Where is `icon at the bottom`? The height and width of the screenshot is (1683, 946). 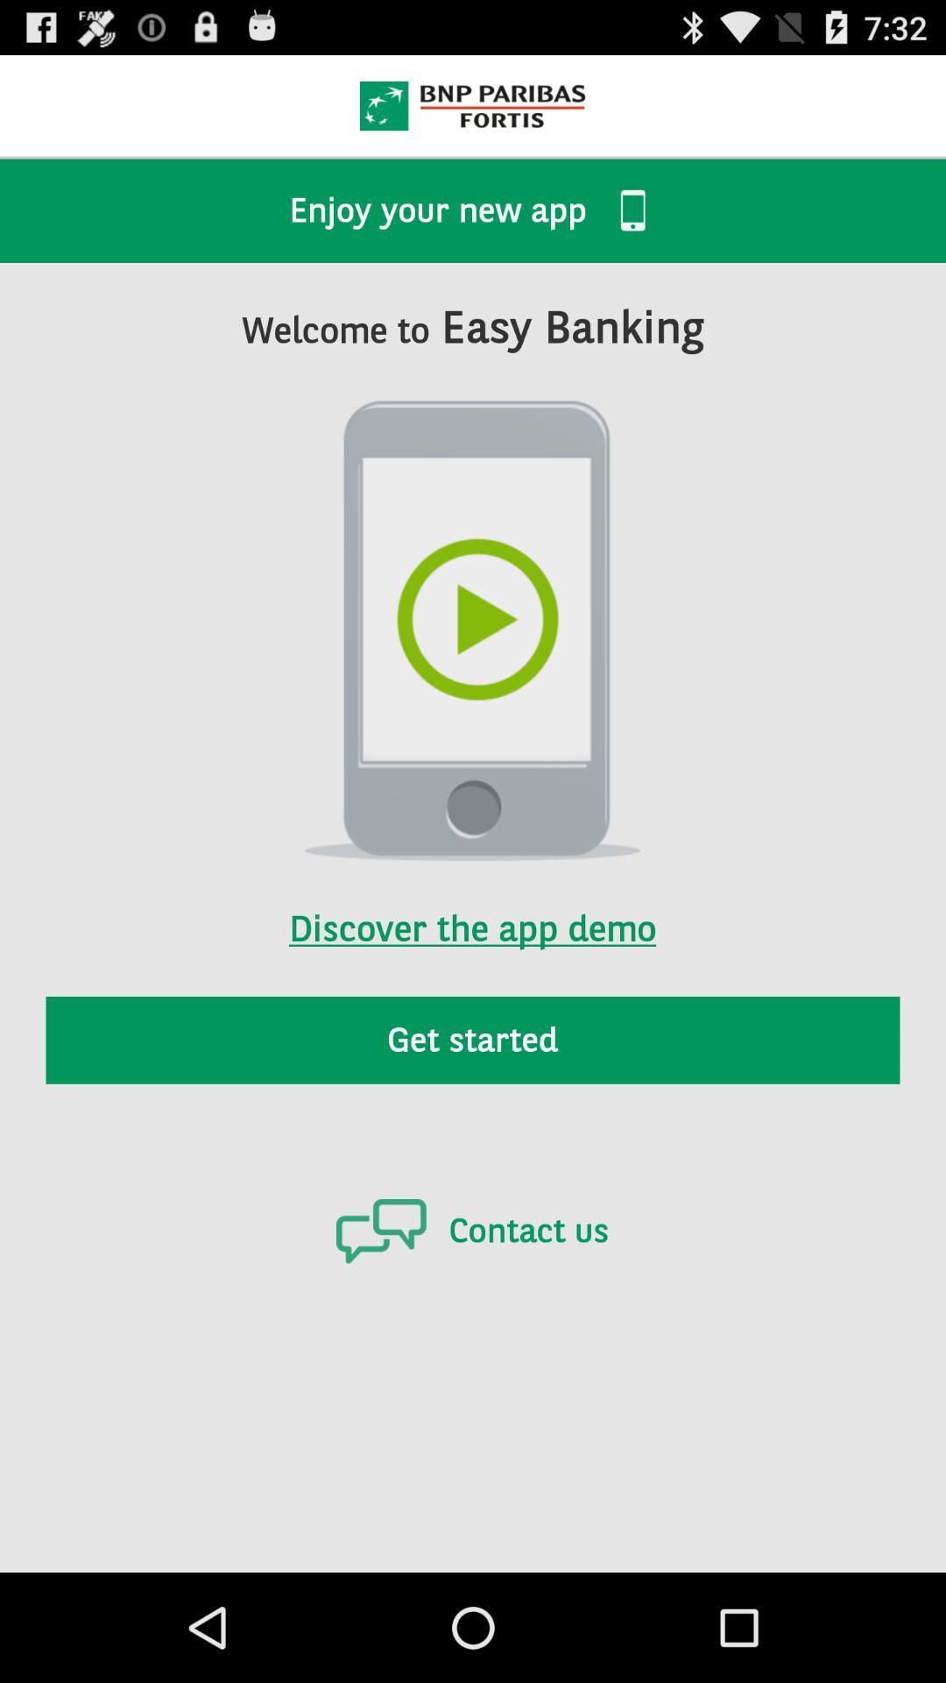
icon at the bottom is located at coordinates (471, 1230).